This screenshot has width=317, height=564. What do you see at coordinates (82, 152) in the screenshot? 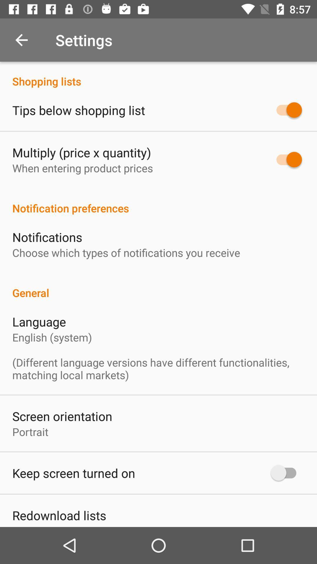
I see `multiply price x icon` at bounding box center [82, 152].